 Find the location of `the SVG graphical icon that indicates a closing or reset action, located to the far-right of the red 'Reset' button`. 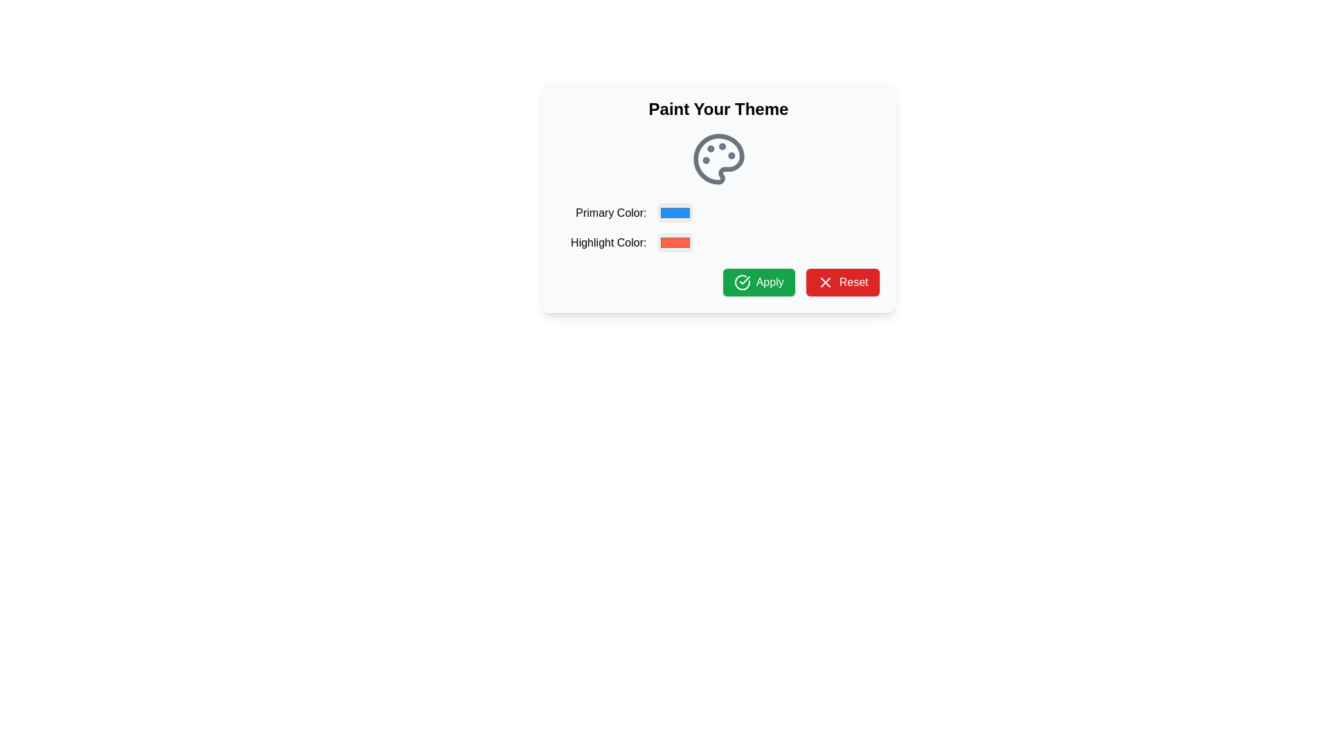

the SVG graphical icon that indicates a closing or reset action, located to the far-right of the red 'Reset' button is located at coordinates (825, 282).